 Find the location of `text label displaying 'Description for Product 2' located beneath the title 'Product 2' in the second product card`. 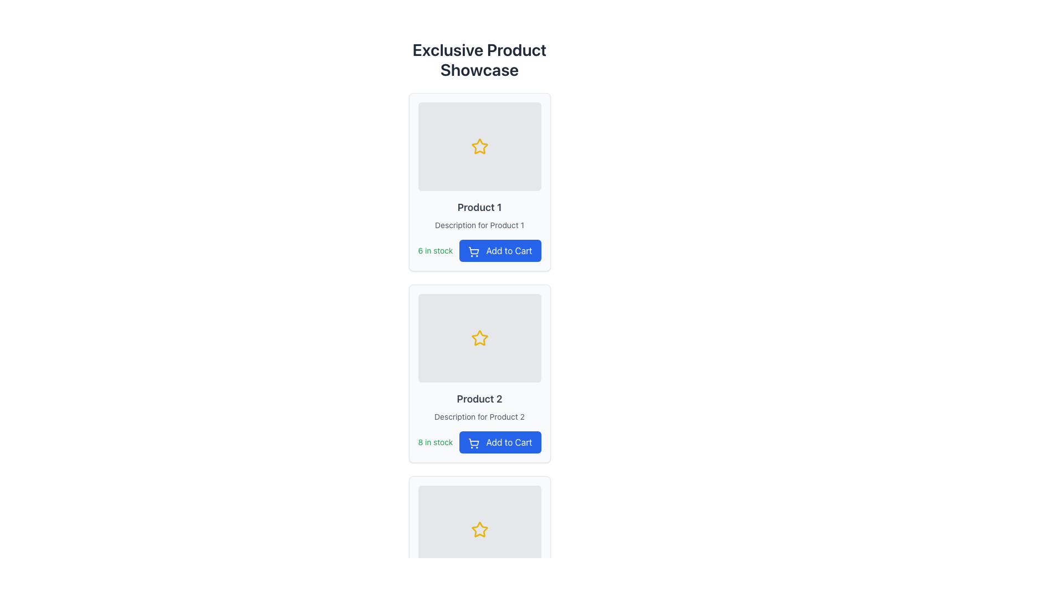

text label displaying 'Description for Product 2' located beneath the title 'Product 2' in the second product card is located at coordinates (479, 416).